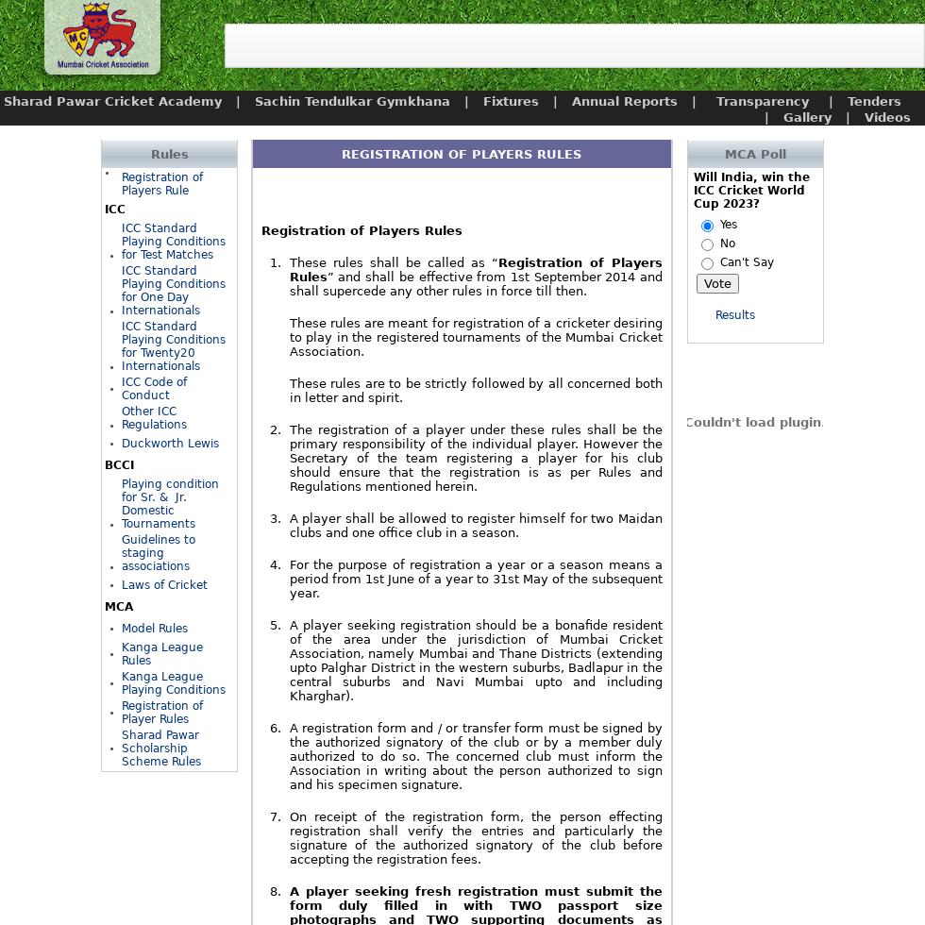  What do you see at coordinates (393, 262) in the screenshot?
I see `'These rules shall be called as “'` at bounding box center [393, 262].